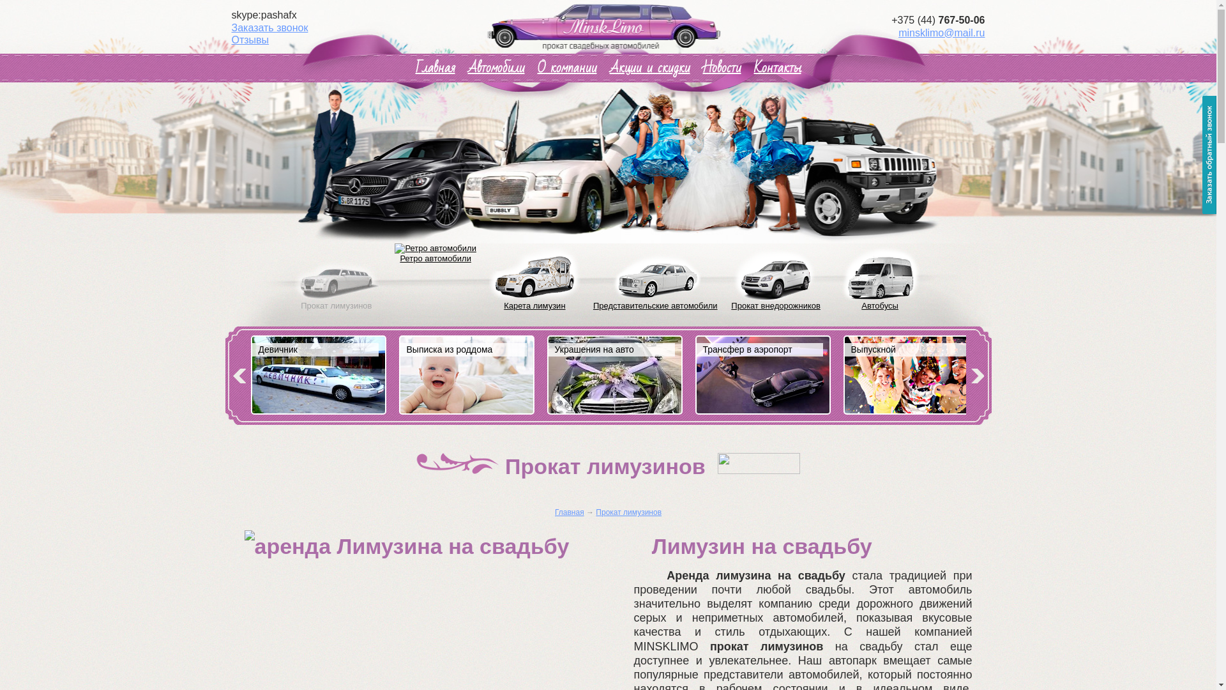 The height and width of the screenshot is (690, 1226). I want to click on '#slide_60', so click(318, 376).